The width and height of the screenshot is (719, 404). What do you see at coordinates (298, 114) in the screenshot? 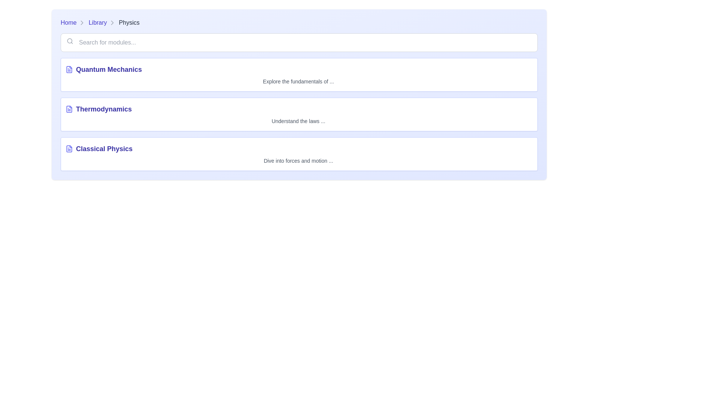
I see `the second selectable list item in the vertical list, which is related to thermodynamics and positioned between 'Quantum Mechanics' and 'Classical Physics'` at bounding box center [298, 114].